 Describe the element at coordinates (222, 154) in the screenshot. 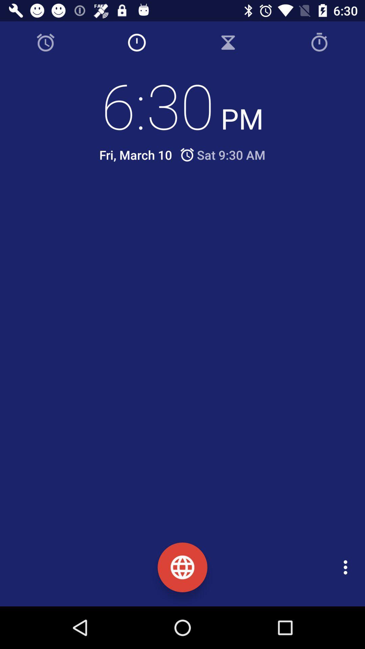

I see `sat 9 30 item` at that location.